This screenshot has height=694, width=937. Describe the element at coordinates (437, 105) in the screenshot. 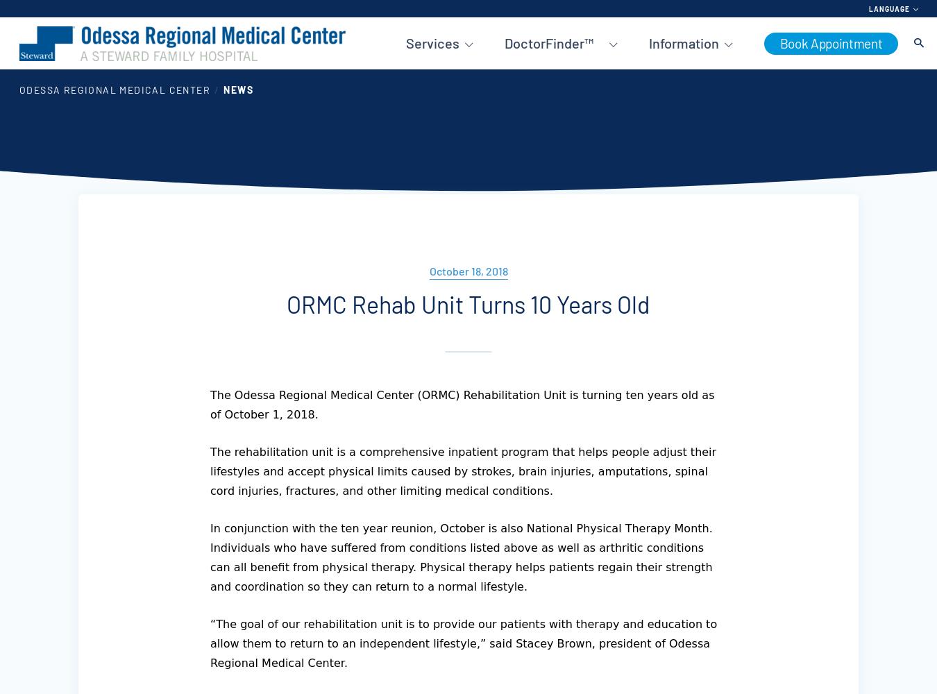

I see `'Primary Care'` at that location.